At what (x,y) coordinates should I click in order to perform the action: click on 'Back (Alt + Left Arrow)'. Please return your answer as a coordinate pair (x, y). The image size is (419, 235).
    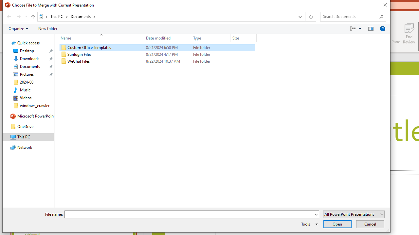
    Looking at the image, I should click on (9, 16).